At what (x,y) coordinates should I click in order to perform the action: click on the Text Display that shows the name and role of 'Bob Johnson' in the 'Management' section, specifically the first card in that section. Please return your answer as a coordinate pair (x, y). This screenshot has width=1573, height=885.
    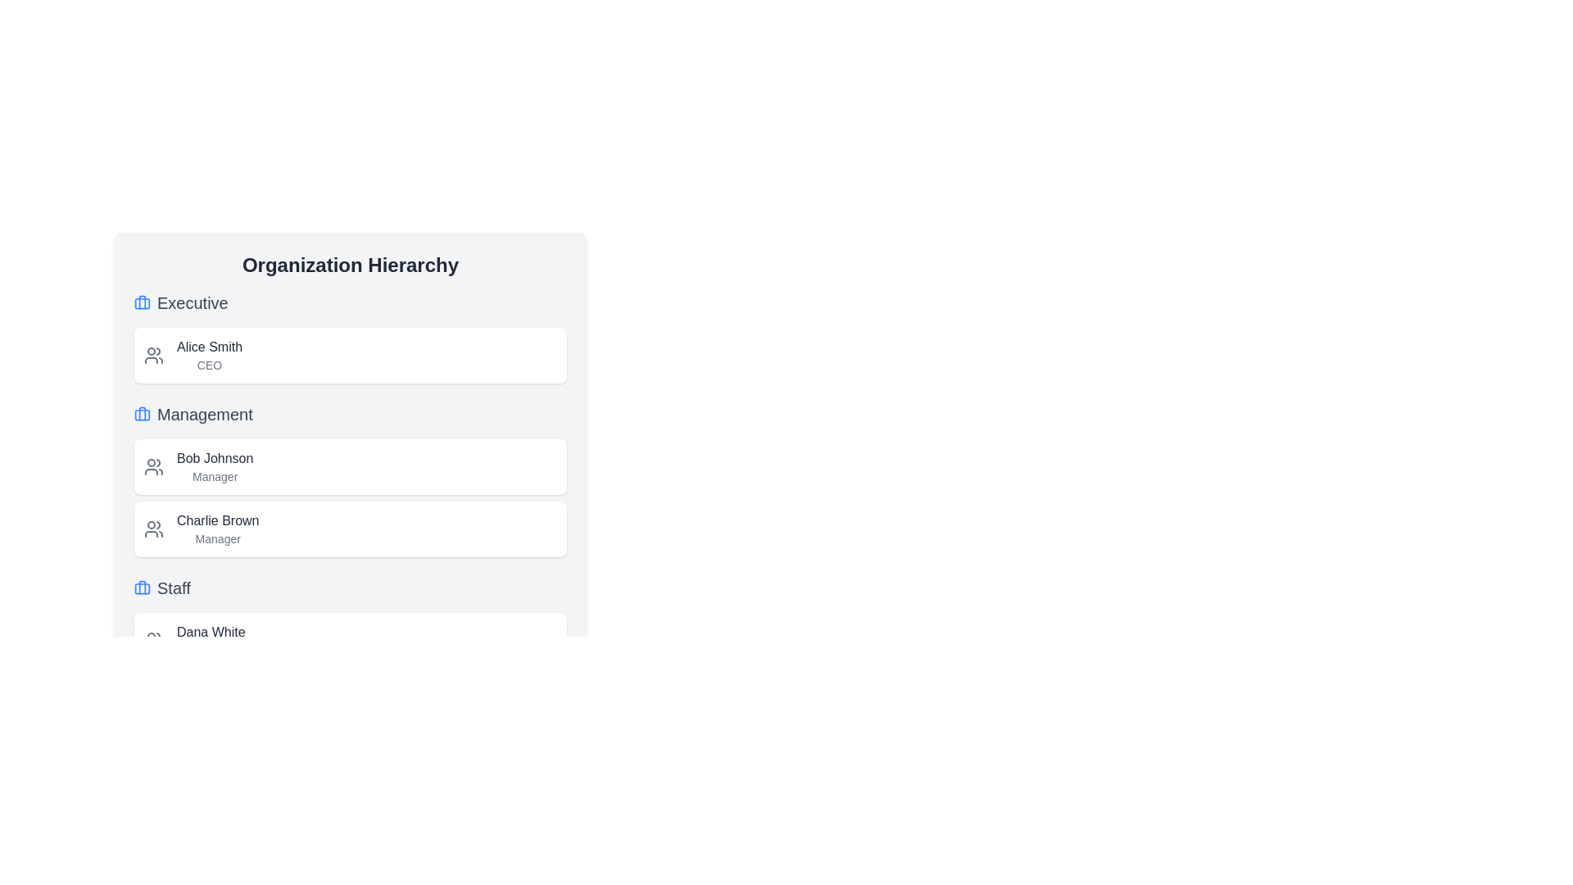
    Looking at the image, I should click on (214, 467).